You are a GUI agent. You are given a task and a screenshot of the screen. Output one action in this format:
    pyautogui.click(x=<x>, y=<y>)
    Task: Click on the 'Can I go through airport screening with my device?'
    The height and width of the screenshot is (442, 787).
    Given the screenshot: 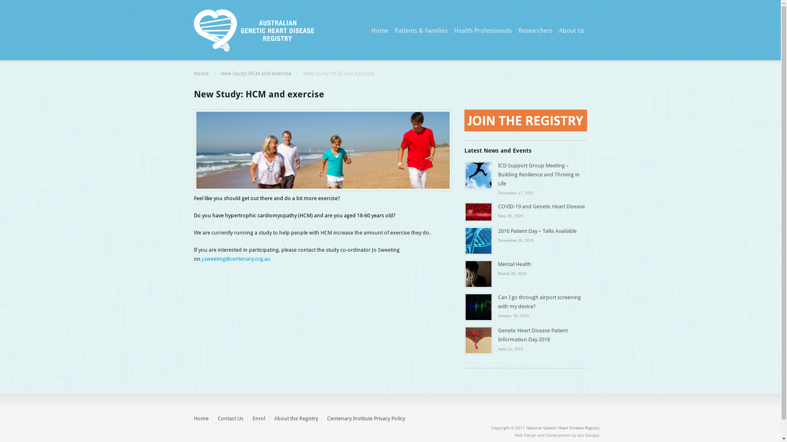 What is the action you would take?
    pyautogui.click(x=539, y=302)
    